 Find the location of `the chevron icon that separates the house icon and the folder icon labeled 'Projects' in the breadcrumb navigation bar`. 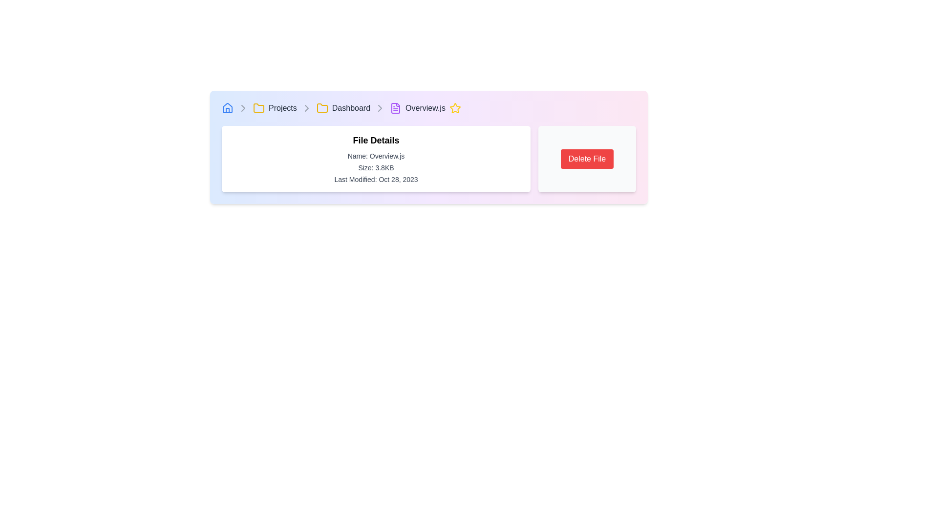

the chevron icon that separates the house icon and the folder icon labeled 'Projects' in the breadcrumb navigation bar is located at coordinates (243, 108).